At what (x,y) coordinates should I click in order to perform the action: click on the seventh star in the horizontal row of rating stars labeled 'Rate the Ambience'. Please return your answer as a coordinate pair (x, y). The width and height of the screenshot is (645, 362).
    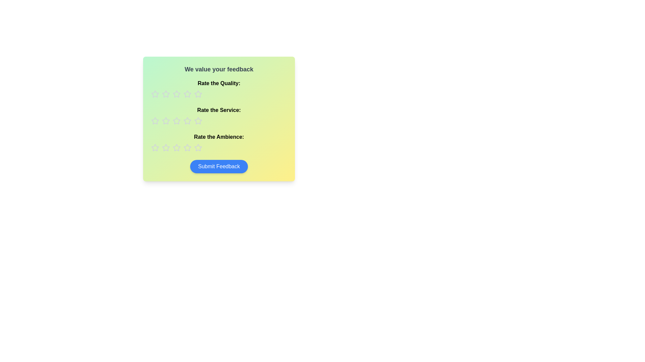
    Looking at the image, I should click on (198, 147).